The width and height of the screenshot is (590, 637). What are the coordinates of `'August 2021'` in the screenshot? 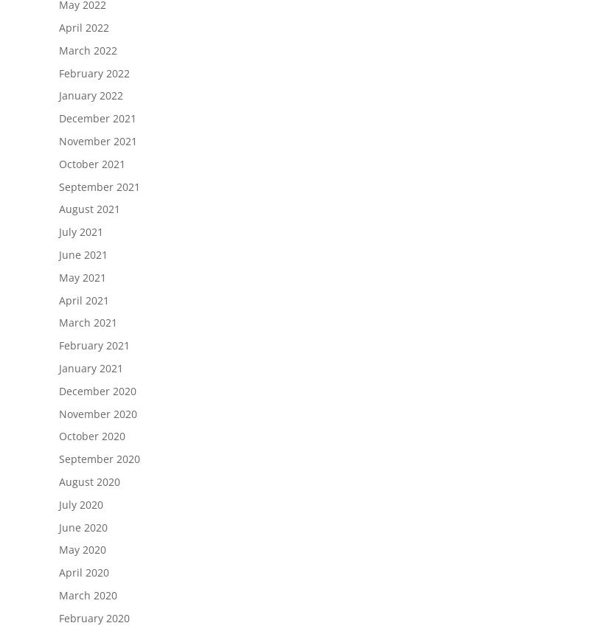 It's located at (88, 209).